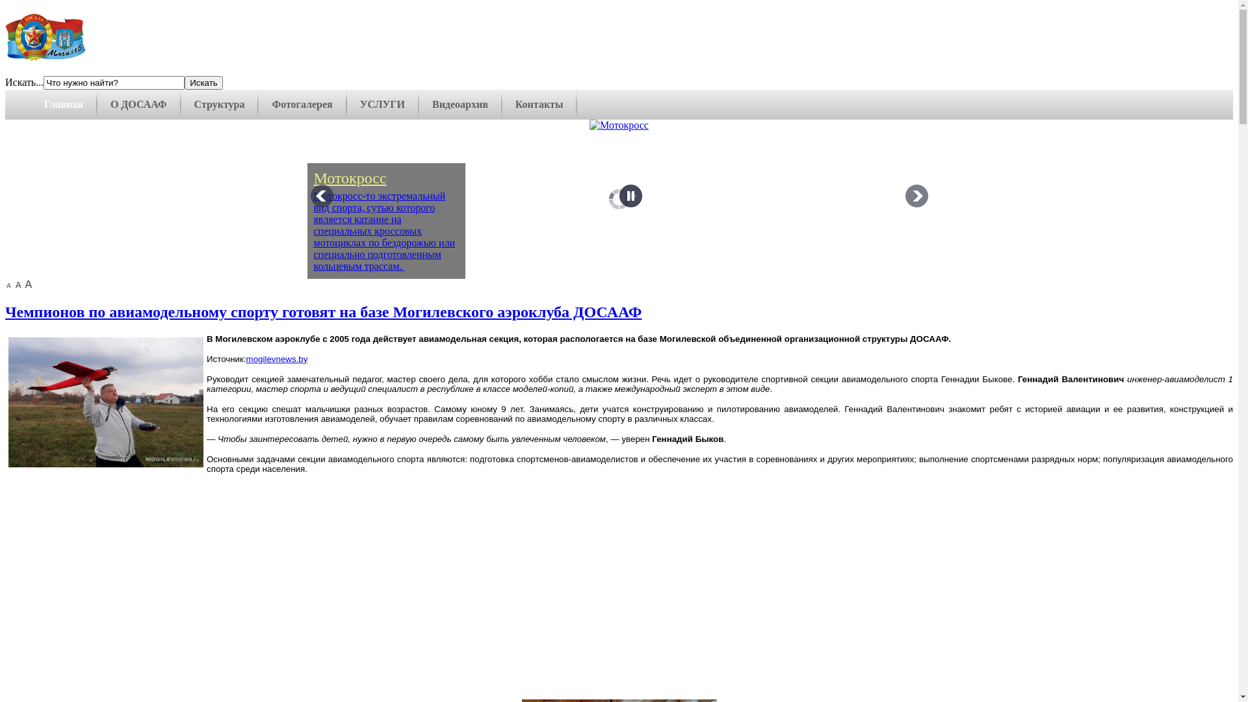 This screenshot has height=702, width=1248. I want to click on 'normal size', so click(15, 283).